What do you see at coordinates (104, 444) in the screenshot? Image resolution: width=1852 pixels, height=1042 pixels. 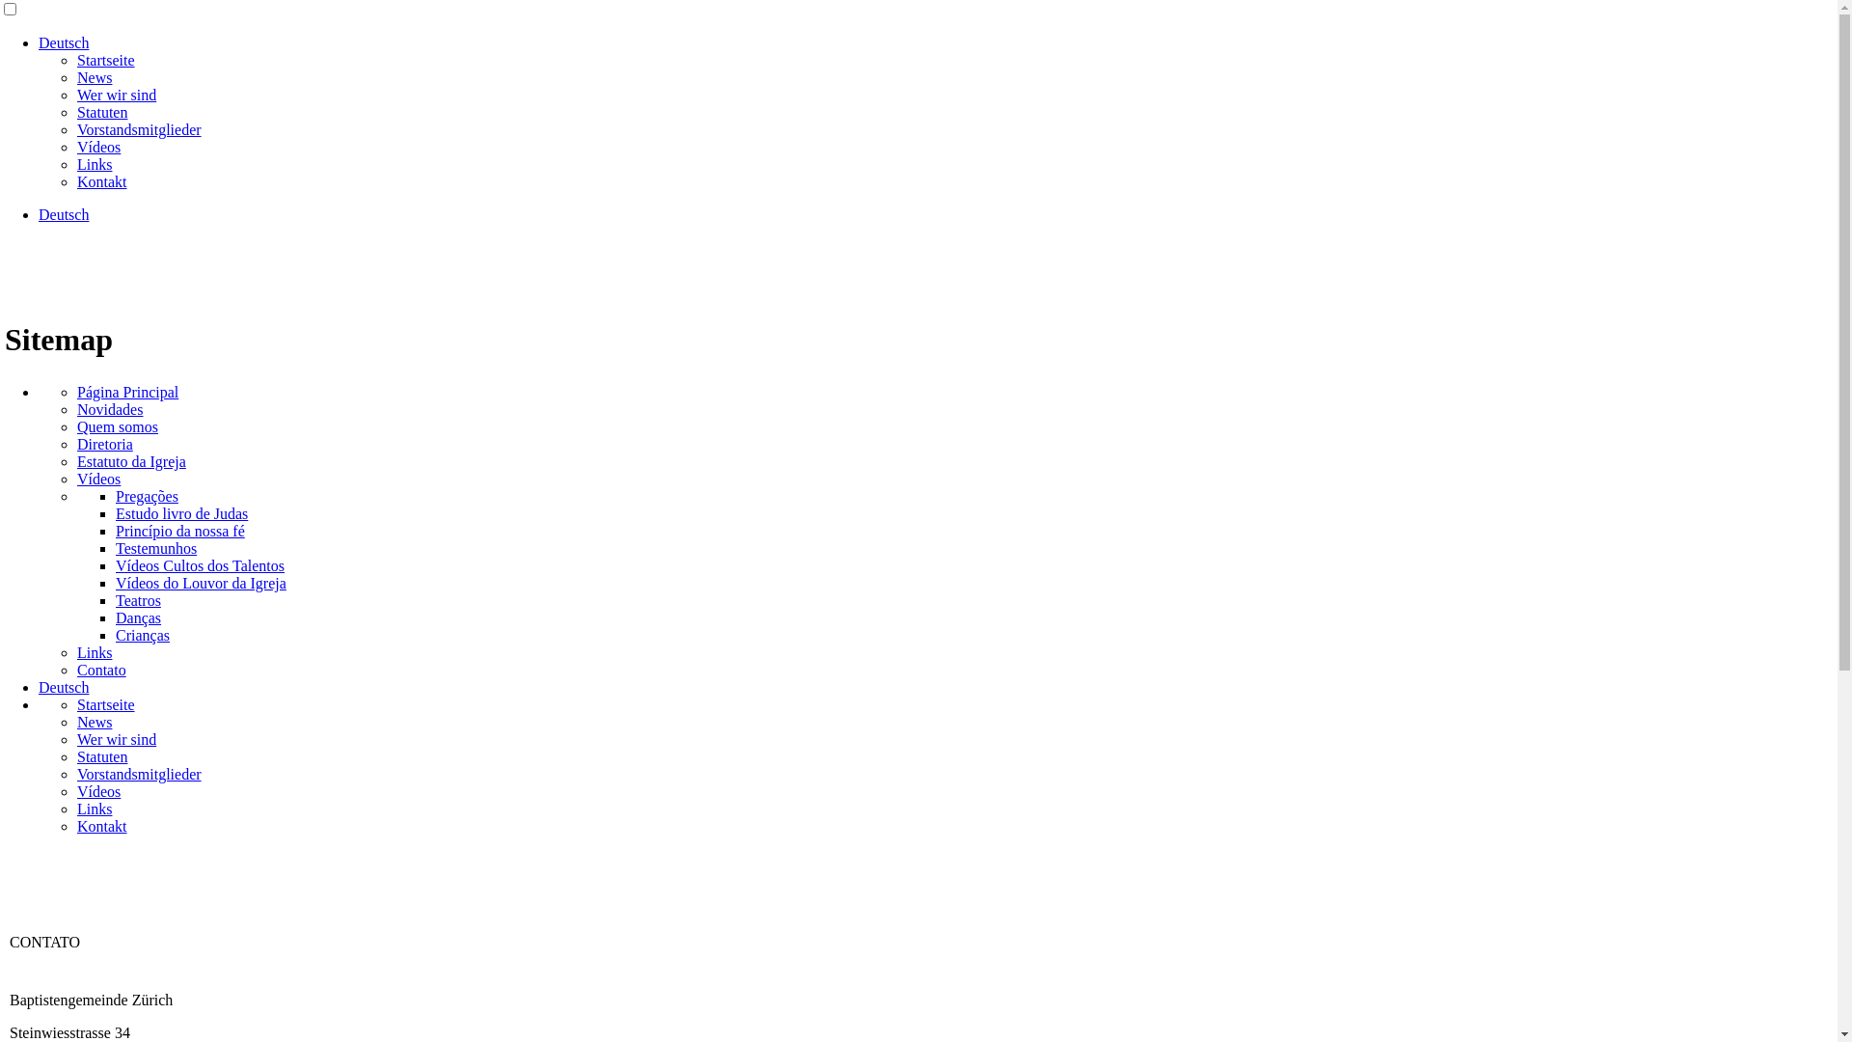 I see `'Diretoria'` at bounding box center [104, 444].